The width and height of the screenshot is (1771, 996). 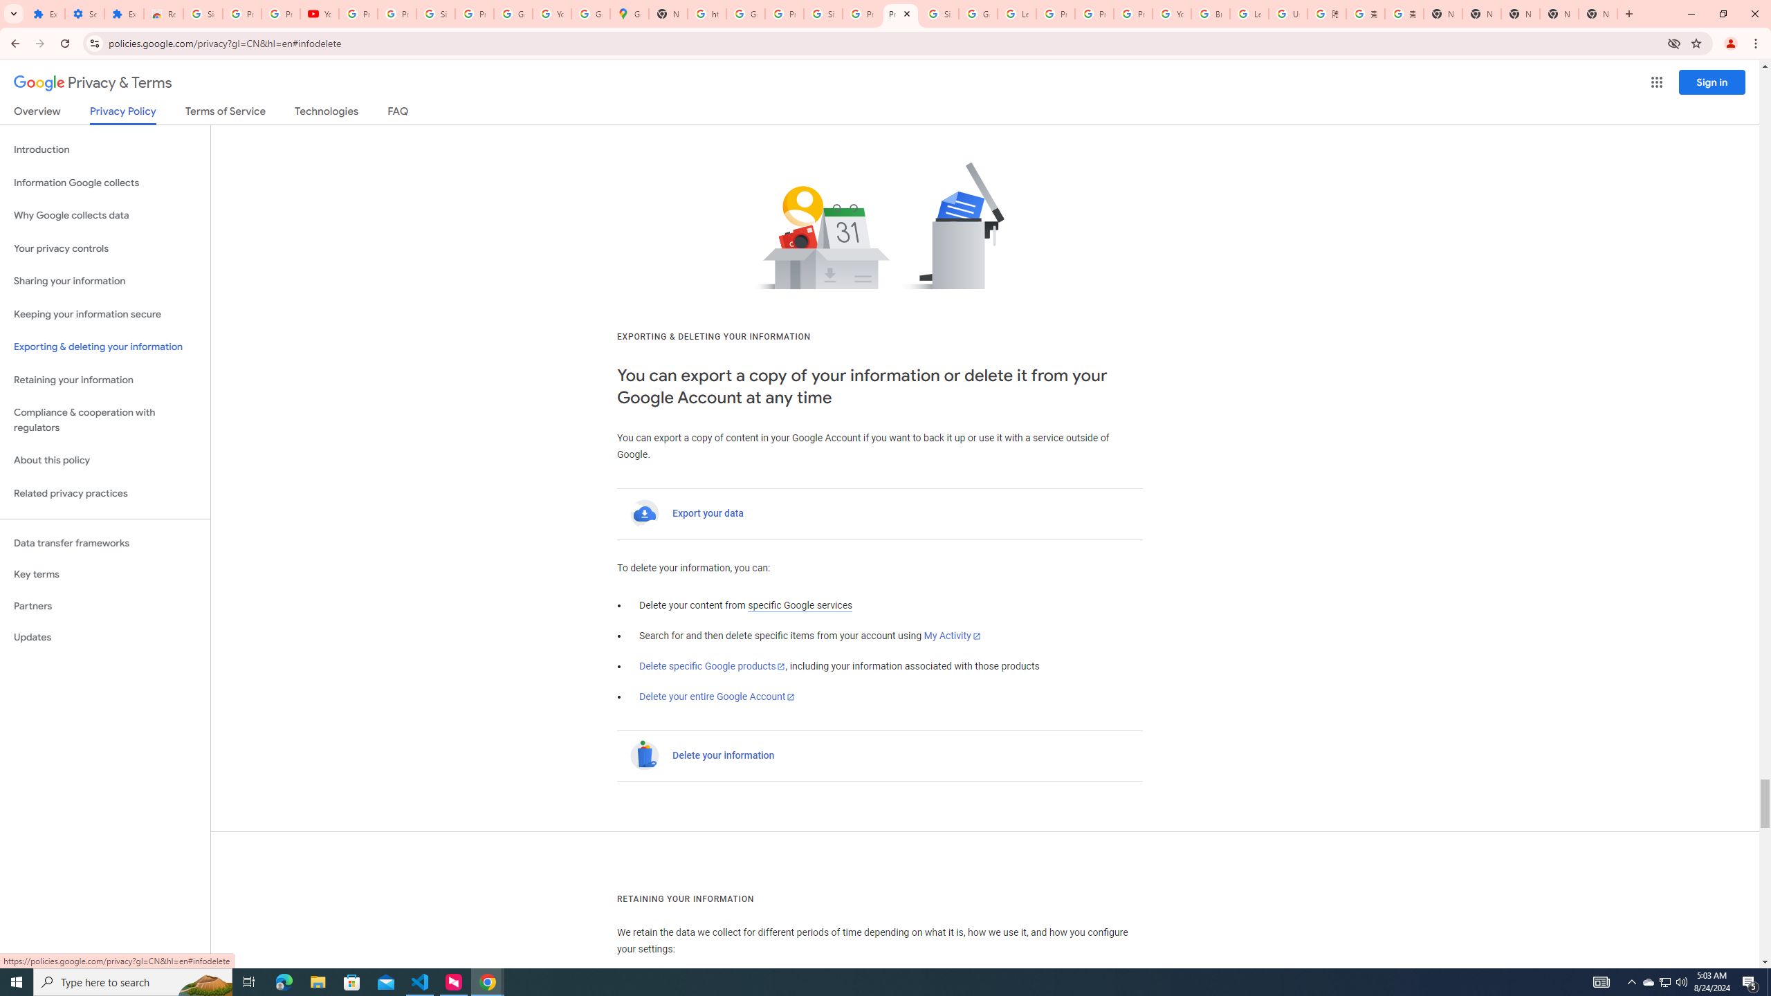 I want to click on 'Google Maps', so click(x=629, y=13).